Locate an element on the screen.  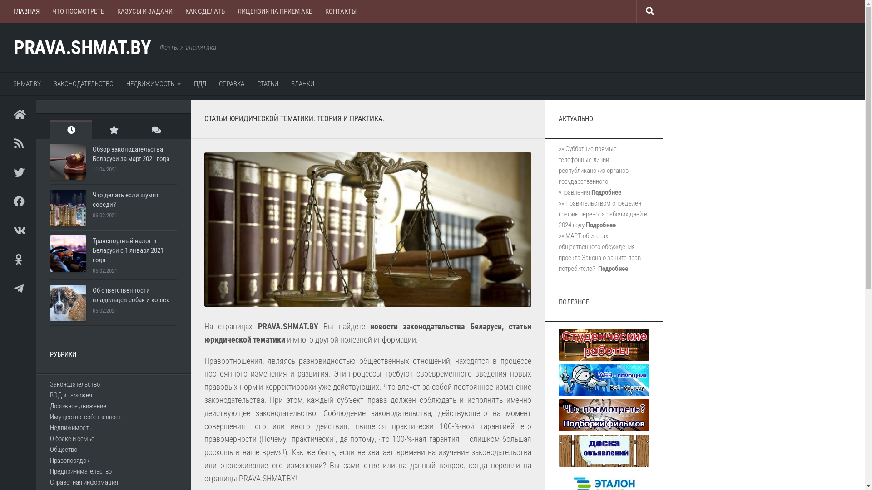
'Twitter' is located at coordinates (18, 172).